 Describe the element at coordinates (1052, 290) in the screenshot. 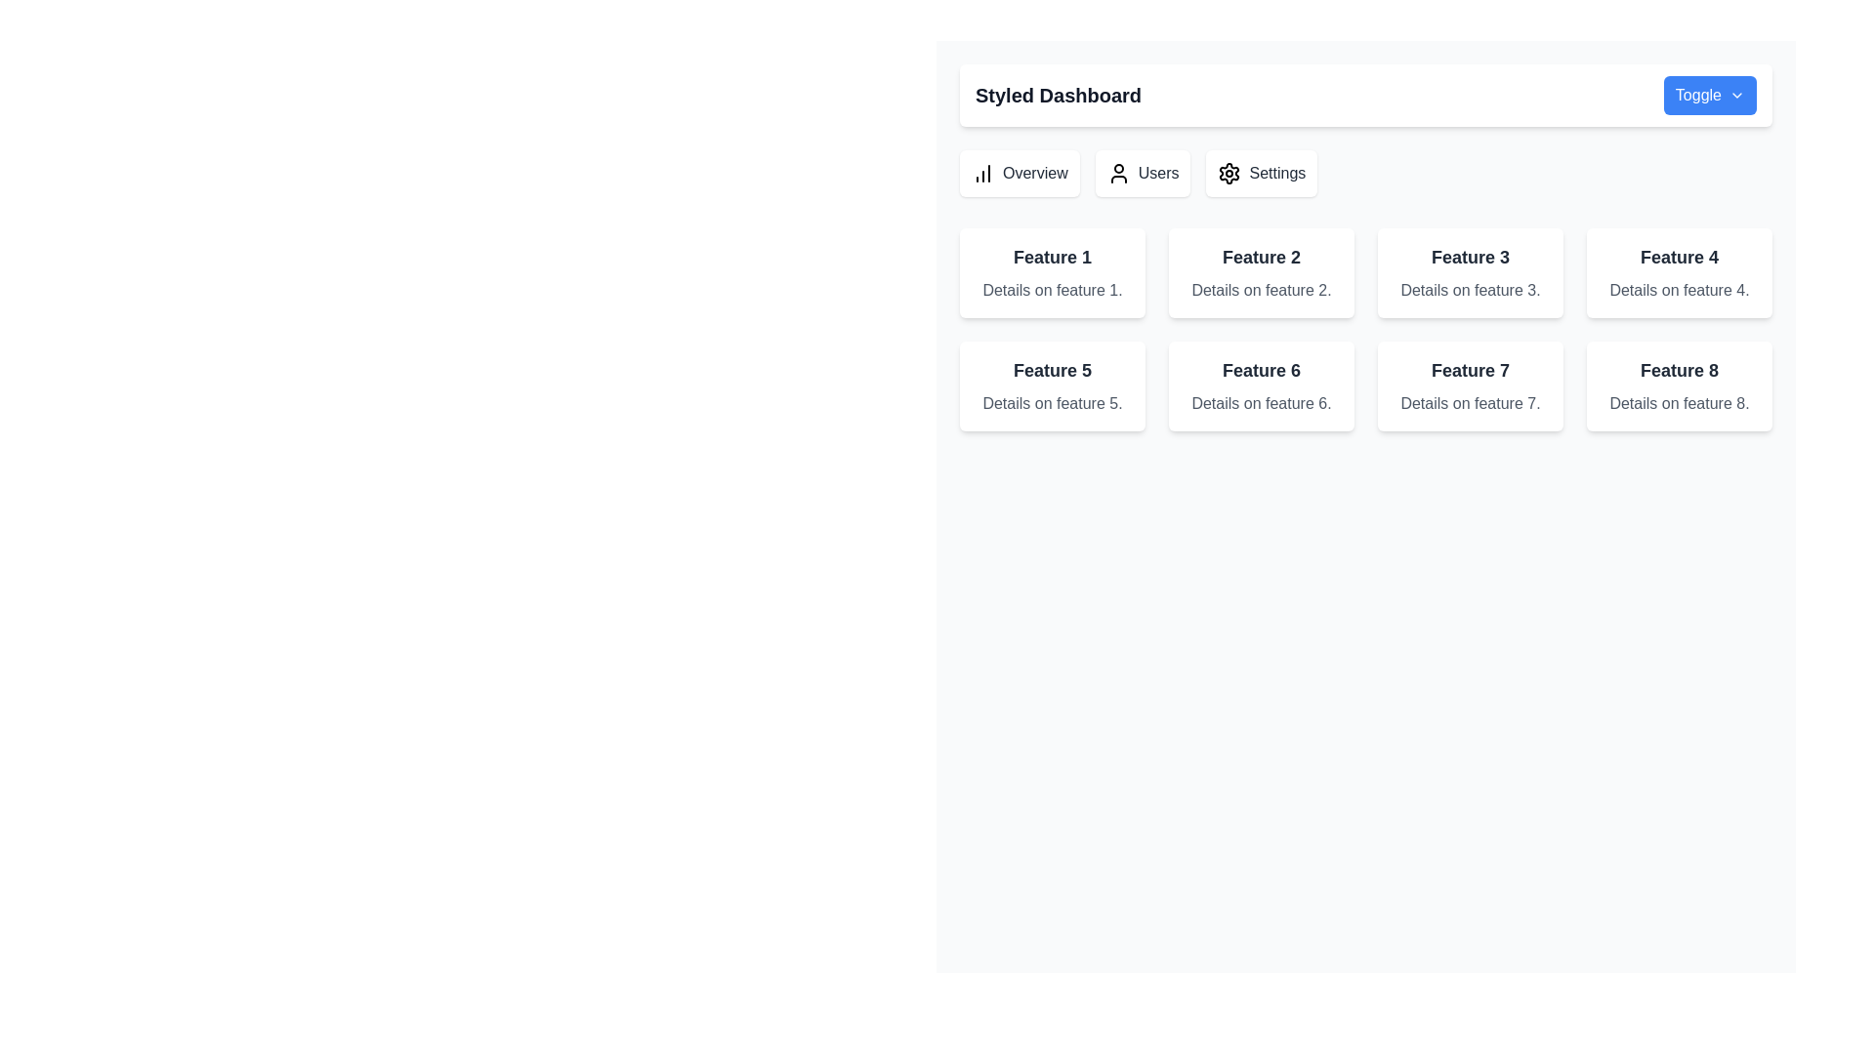

I see `the text element reading 'Details on feature 1' which is styled with a gray font and located beneath the 'Feature 1' header in the first column of a grid layout` at that location.